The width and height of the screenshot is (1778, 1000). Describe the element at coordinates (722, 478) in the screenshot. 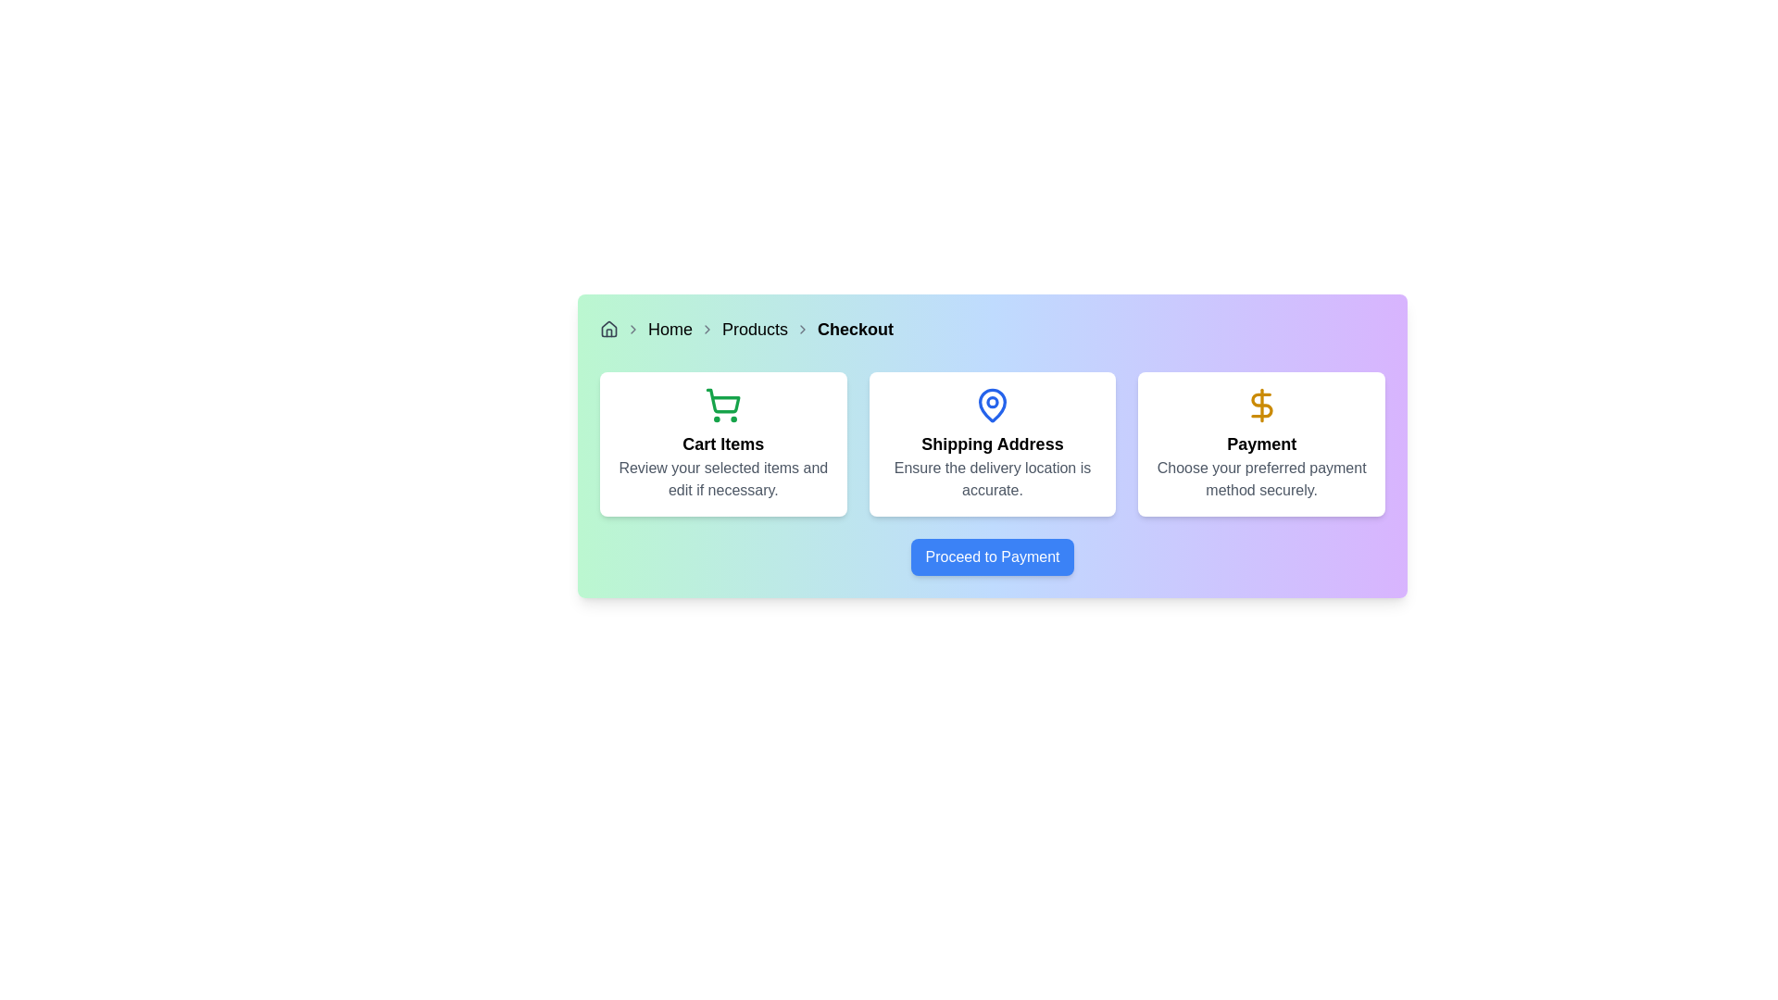

I see `the informational text label that provides instructions related to the 'Cart Items' section, located below the title 'Cart Items' and adjacent to a green shopping cart icon within the first card` at that location.